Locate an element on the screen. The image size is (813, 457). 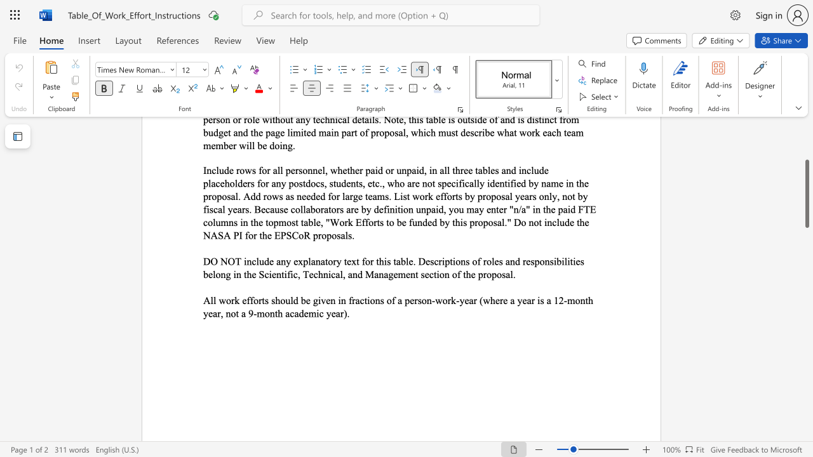
the scrollbar and move down 190 pixels is located at coordinates (806, 194).